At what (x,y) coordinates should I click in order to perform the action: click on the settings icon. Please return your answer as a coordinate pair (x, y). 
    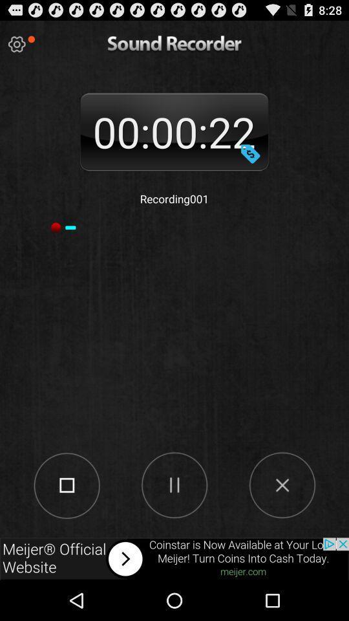
    Looking at the image, I should click on (16, 47).